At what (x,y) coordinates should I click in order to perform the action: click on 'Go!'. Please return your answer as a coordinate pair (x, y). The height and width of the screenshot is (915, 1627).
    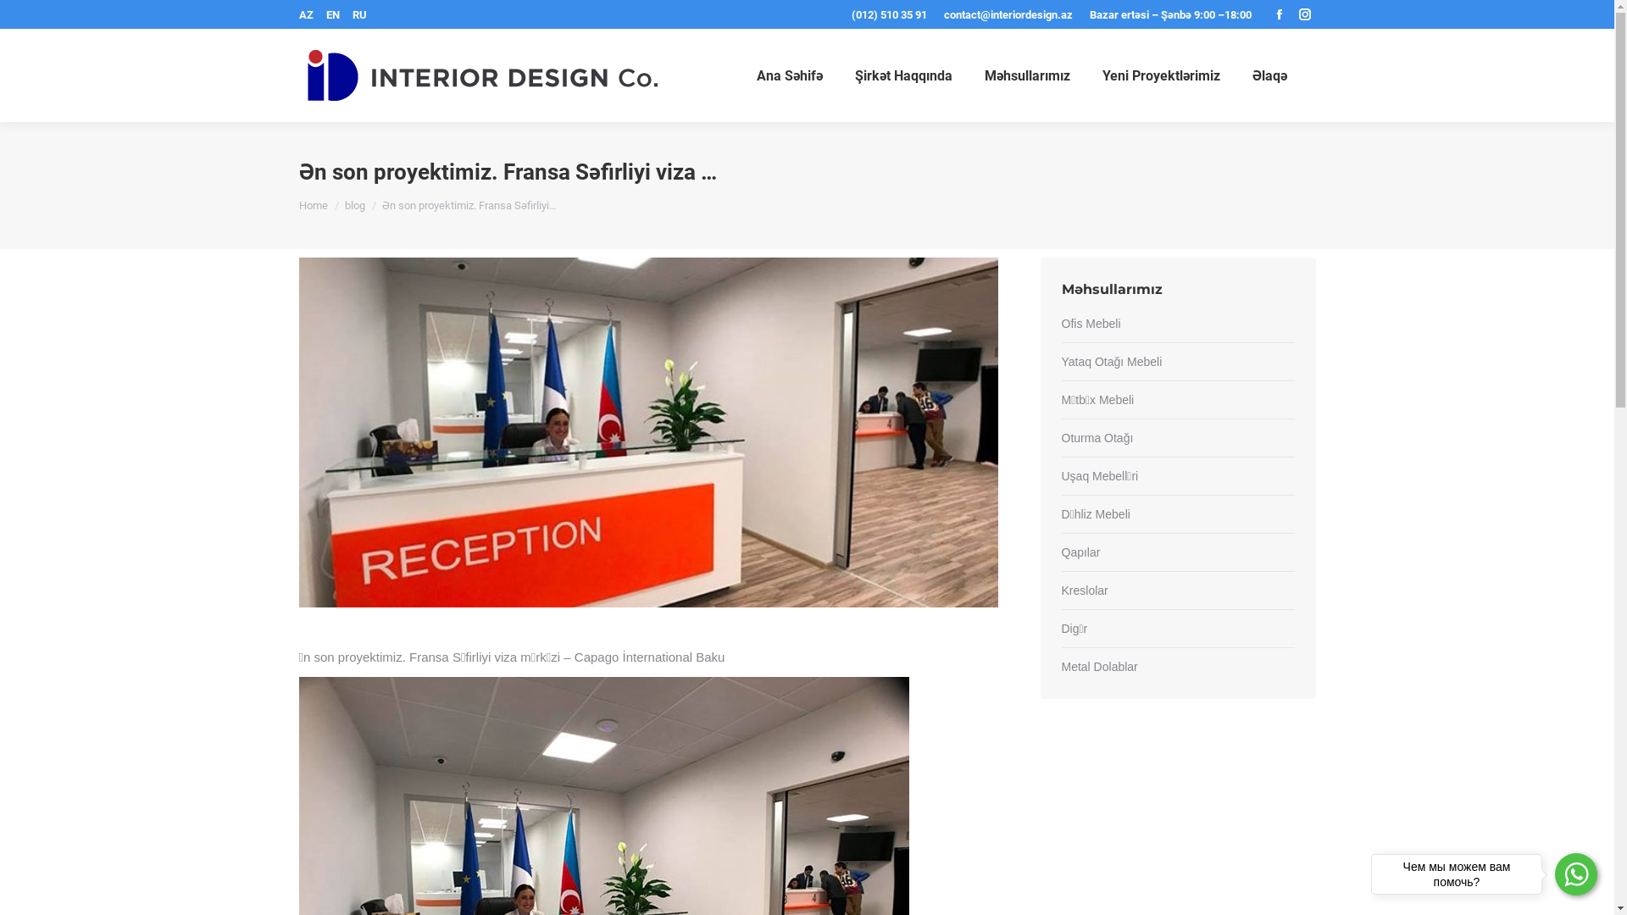
    Looking at the image, I should click on (0, 17).